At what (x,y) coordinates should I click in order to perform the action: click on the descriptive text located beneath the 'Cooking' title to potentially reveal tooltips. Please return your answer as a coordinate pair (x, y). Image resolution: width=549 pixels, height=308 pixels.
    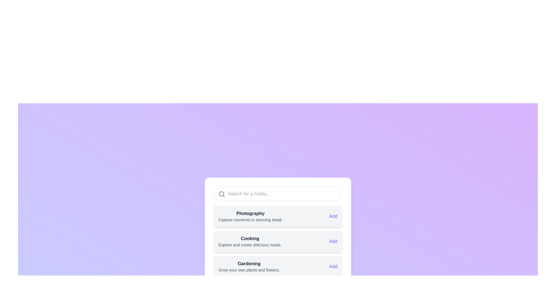
    Looking at the image, I should click on (250, 245).